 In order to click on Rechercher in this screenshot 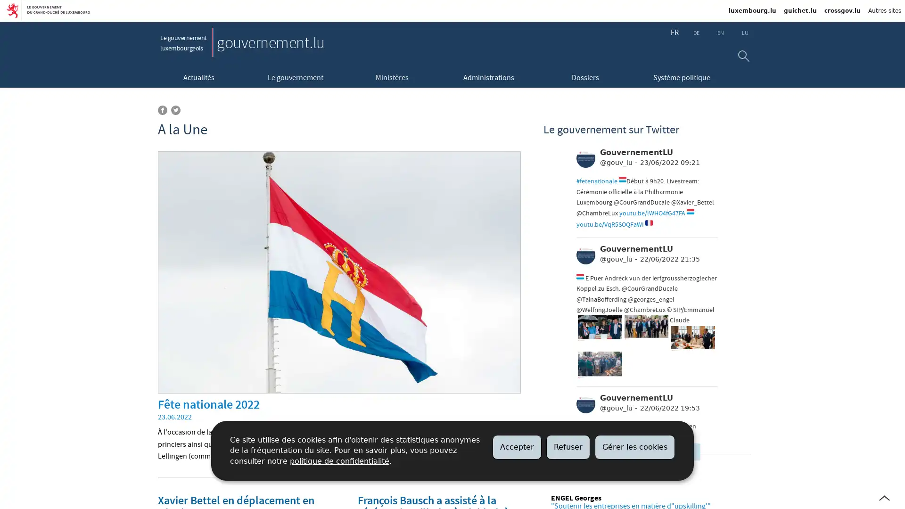, I will do `click(743, 57)`.